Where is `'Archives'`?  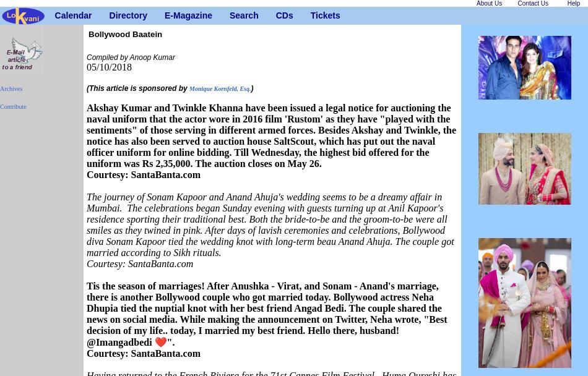
'Archives' is located at coordinates (0, 88).